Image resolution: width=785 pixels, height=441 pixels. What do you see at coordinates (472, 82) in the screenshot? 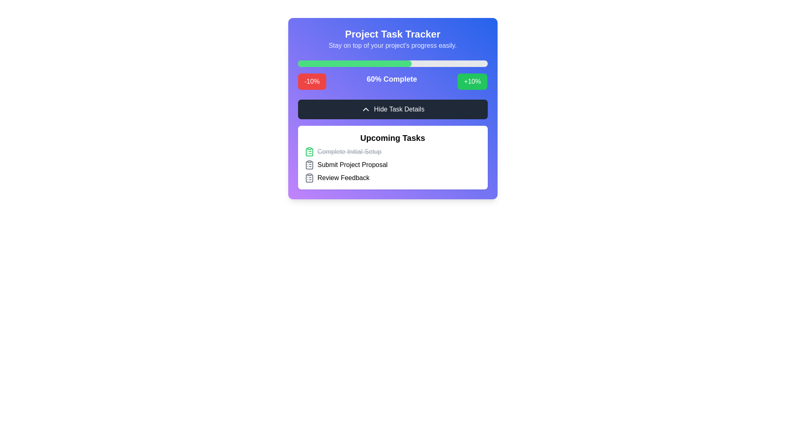
I see `the green button labeled '+10%' for accessibility navigation` at bounding box center [472, 82].